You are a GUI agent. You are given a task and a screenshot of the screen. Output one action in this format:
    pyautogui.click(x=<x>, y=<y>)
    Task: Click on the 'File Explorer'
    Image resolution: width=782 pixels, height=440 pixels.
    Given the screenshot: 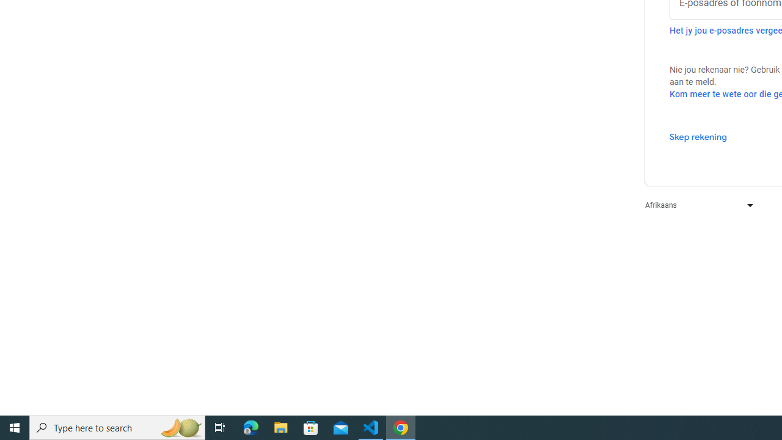 What is the action you would take?
    pyautogui.click(x=280, y=427)
    